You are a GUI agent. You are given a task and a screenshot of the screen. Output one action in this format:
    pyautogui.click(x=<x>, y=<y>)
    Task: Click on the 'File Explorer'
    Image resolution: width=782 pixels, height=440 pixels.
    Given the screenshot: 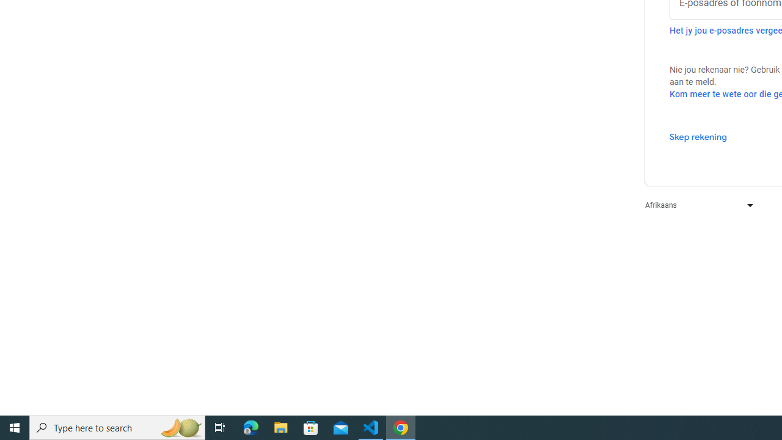 What is the action you would take?
    pyautogui.click(x=280, y=427)
    